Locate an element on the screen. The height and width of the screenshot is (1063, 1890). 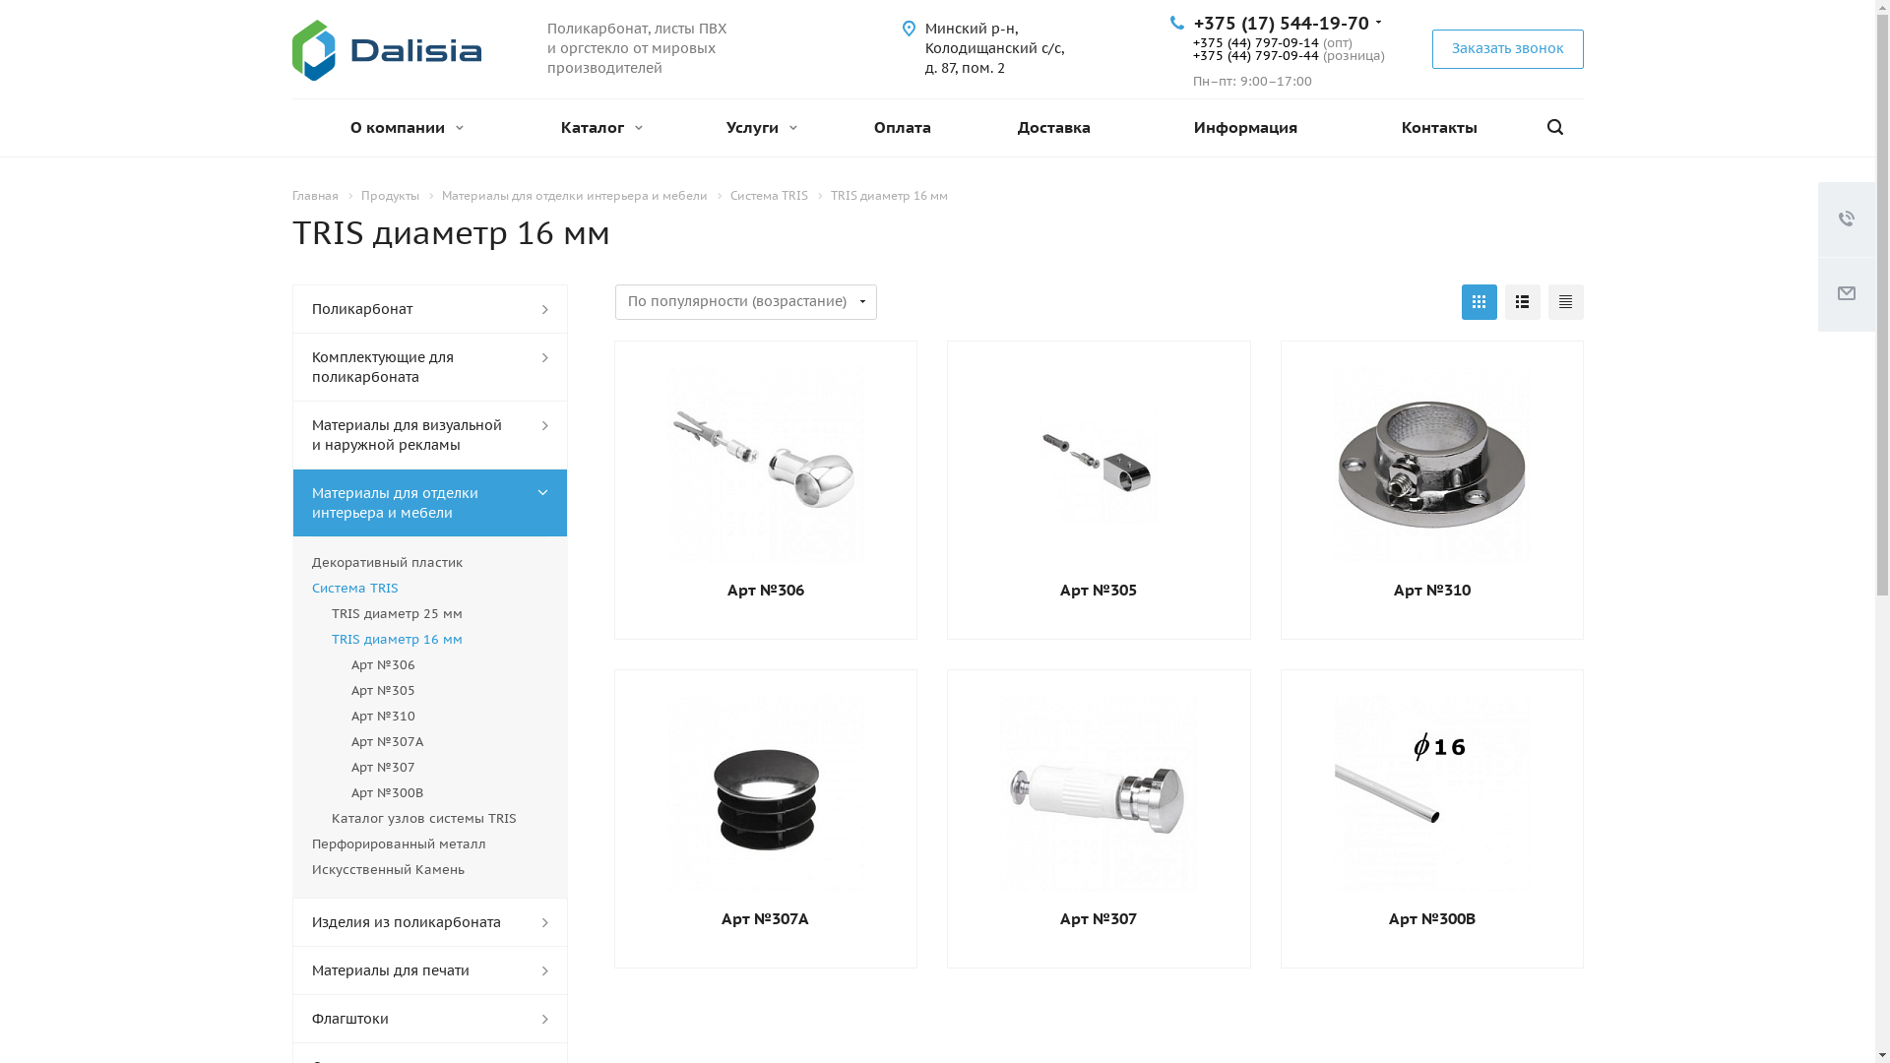
'+375 (44) 797-09-14' is located at coordinates (1255, 42).